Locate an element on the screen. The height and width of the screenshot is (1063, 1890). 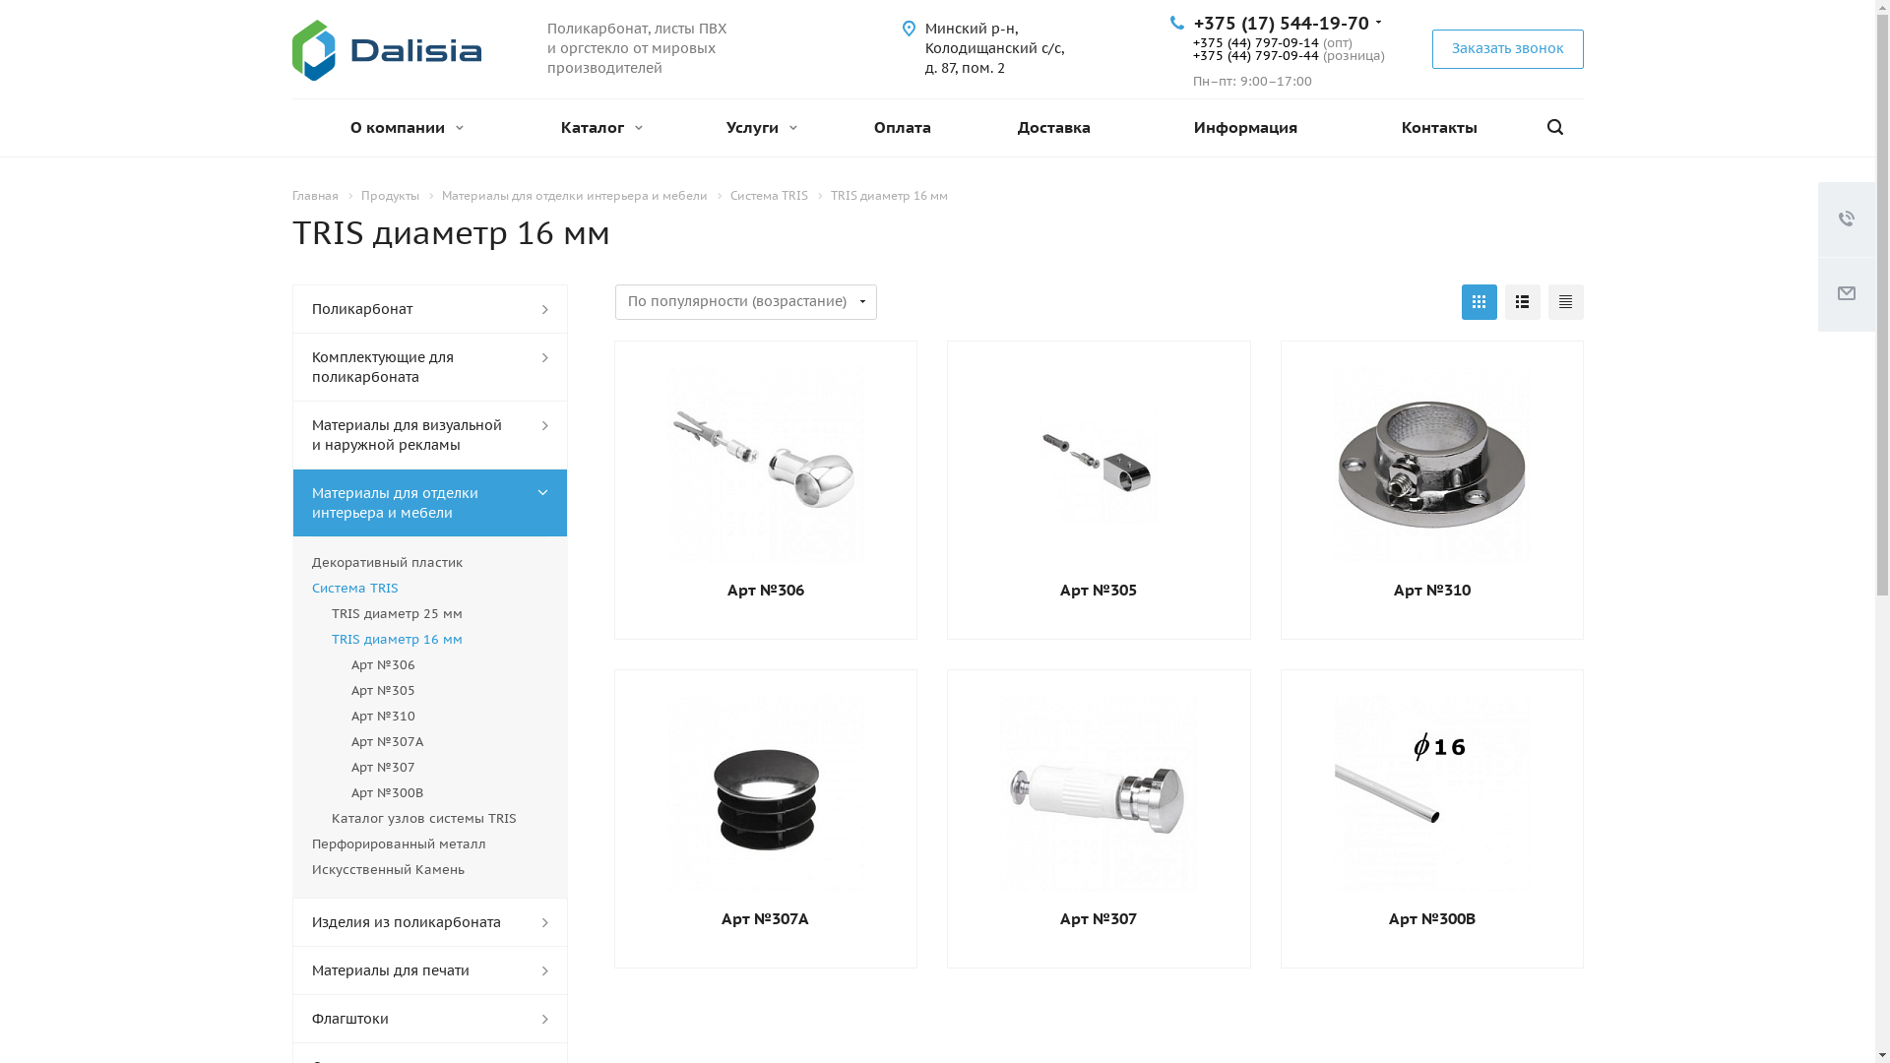
'+375 (44) 797-09-14' is located at coordinates (1255, 42).